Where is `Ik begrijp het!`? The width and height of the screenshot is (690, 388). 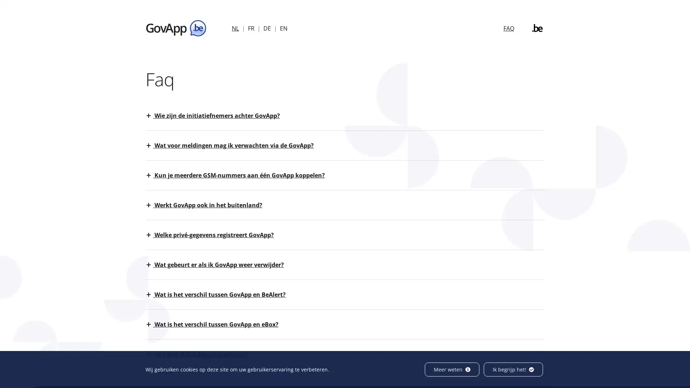 Ik begrijp het! is located at coordinates (513, 369).